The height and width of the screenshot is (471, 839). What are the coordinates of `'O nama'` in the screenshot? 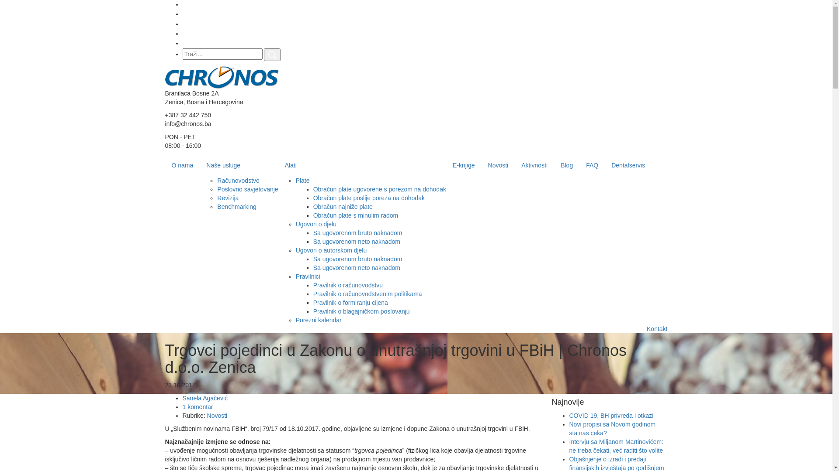 It's located at (182, 165).